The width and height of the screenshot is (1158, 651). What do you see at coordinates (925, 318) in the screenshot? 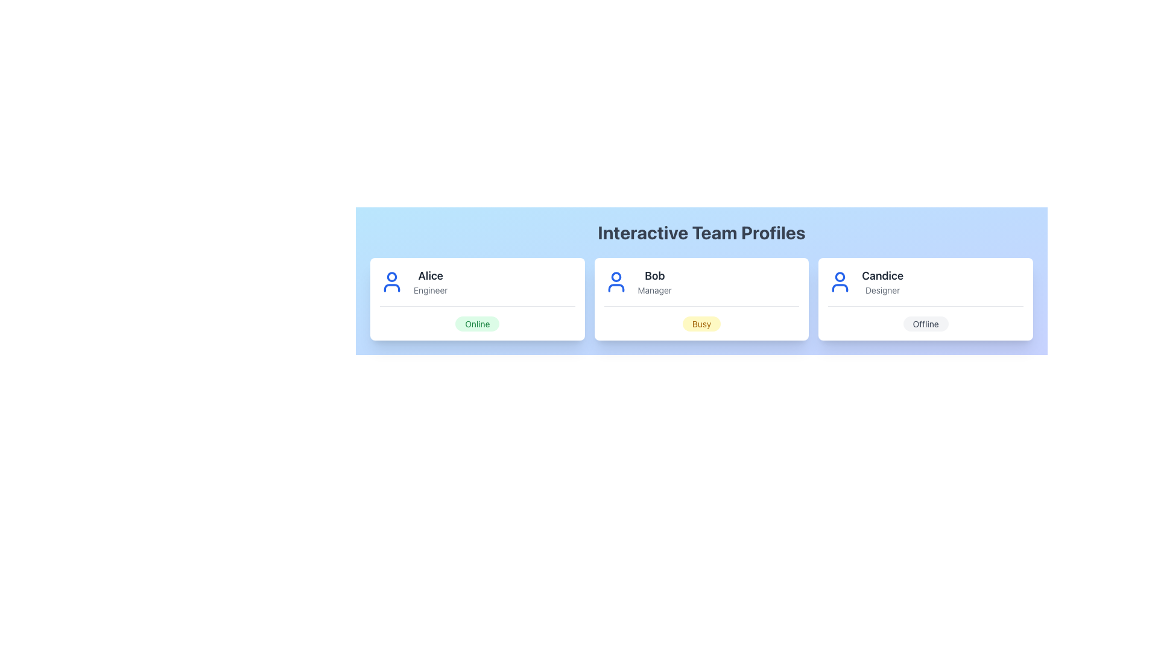
I see `the 'Offline' label, which is styled with a rounded background and is located at the bottom-center of the user information card for 'Candice'` at bounding box center [925, 318].